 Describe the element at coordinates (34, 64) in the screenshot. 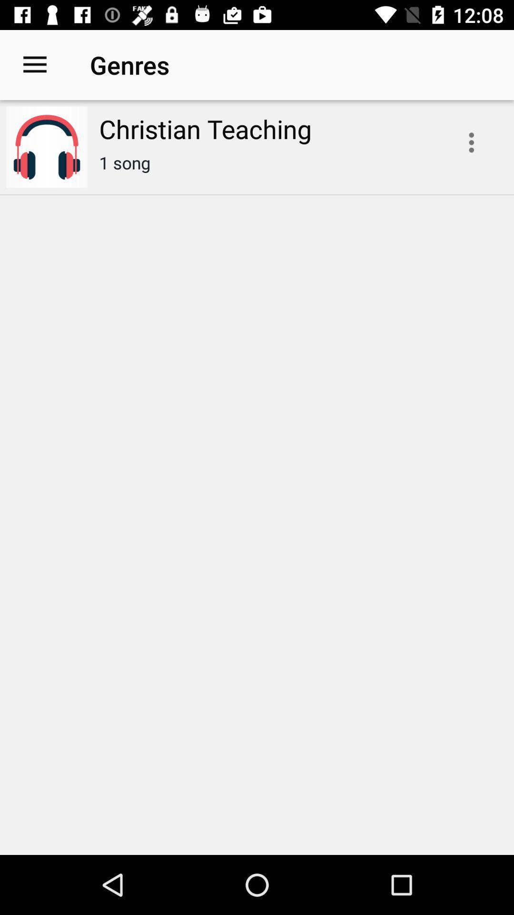

I see `icon next to christian teaching icon` at that location.